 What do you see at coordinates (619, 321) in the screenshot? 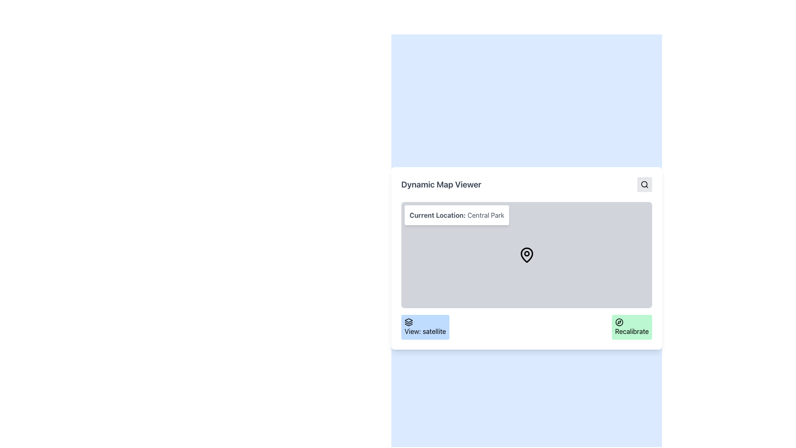
I see `the bottom right green button labeled 'Recalibrate' which contains the recalibration icon, indicating a reset or location recalibration action related to the map` at bounding box center [619, 321].